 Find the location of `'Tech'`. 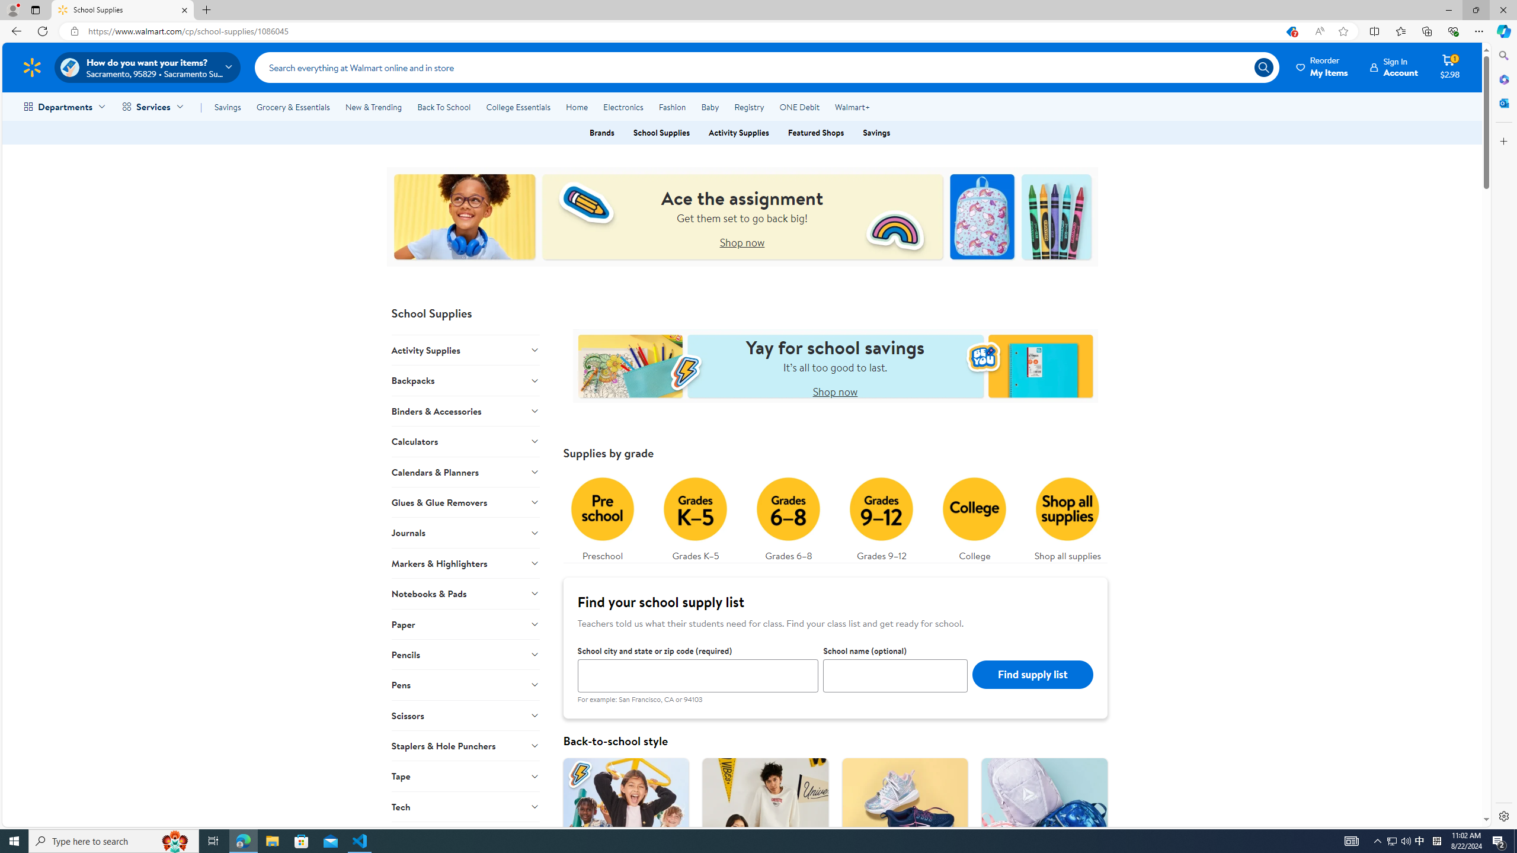

'Tech' is located at coordinates (465, 806).